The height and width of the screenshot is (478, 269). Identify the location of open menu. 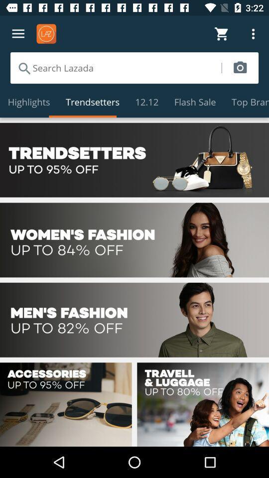
(18, 34).